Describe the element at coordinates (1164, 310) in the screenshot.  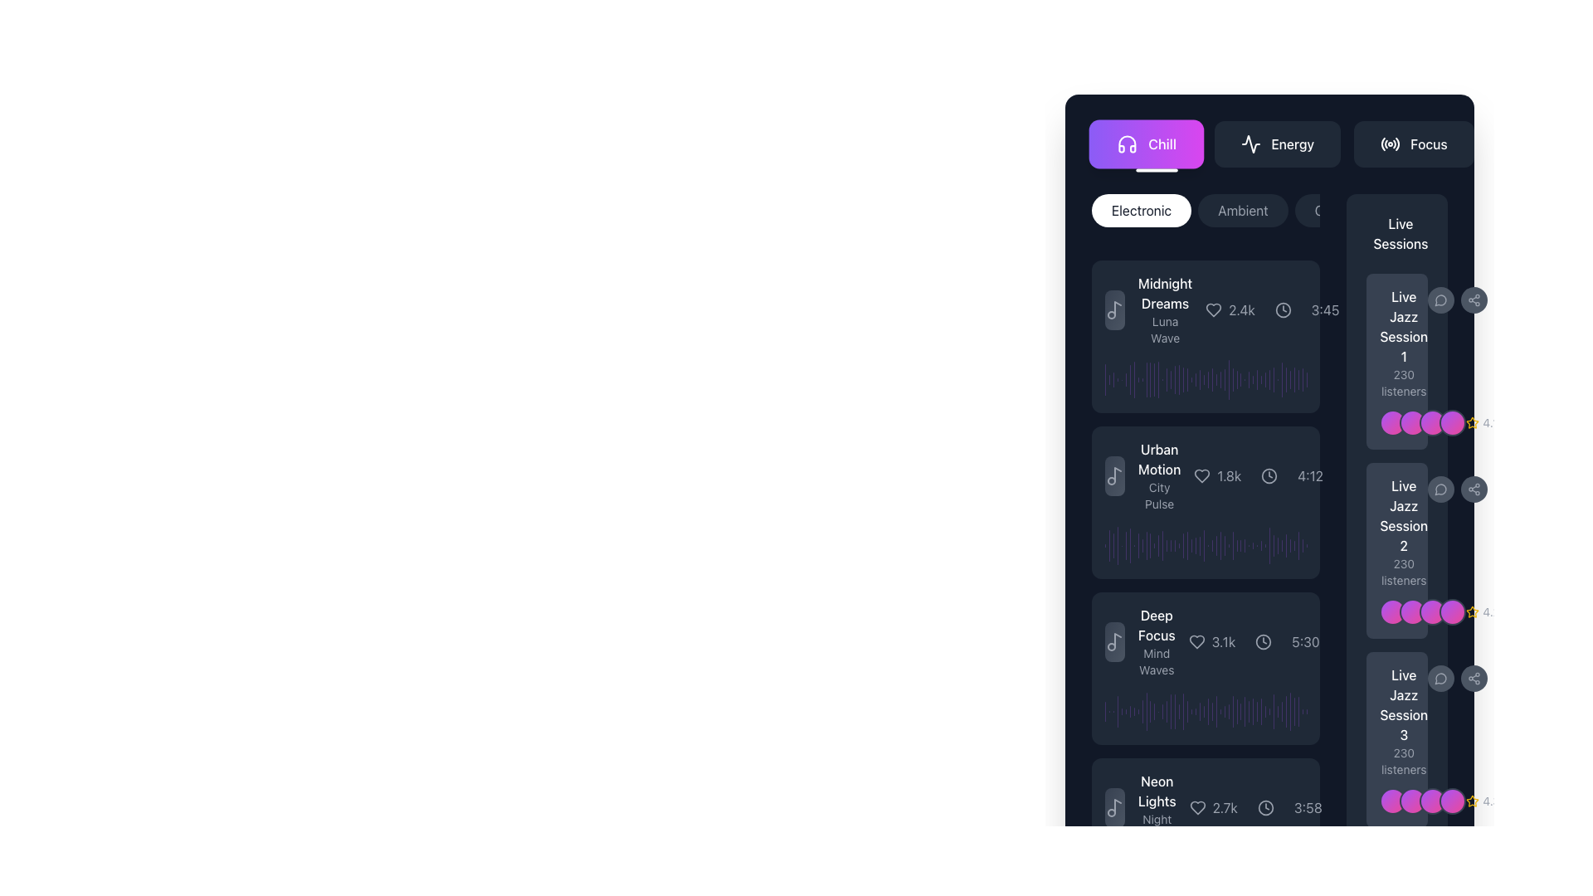
I see `the title and subtitle text block of the first song entry in the list` at that location.